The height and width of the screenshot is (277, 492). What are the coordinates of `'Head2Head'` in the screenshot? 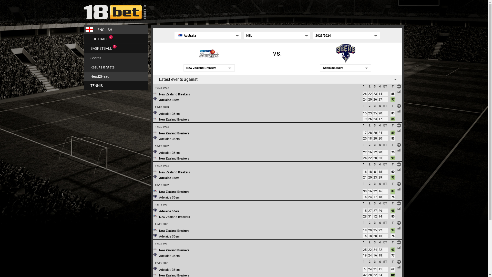 It's located at (84, 76).